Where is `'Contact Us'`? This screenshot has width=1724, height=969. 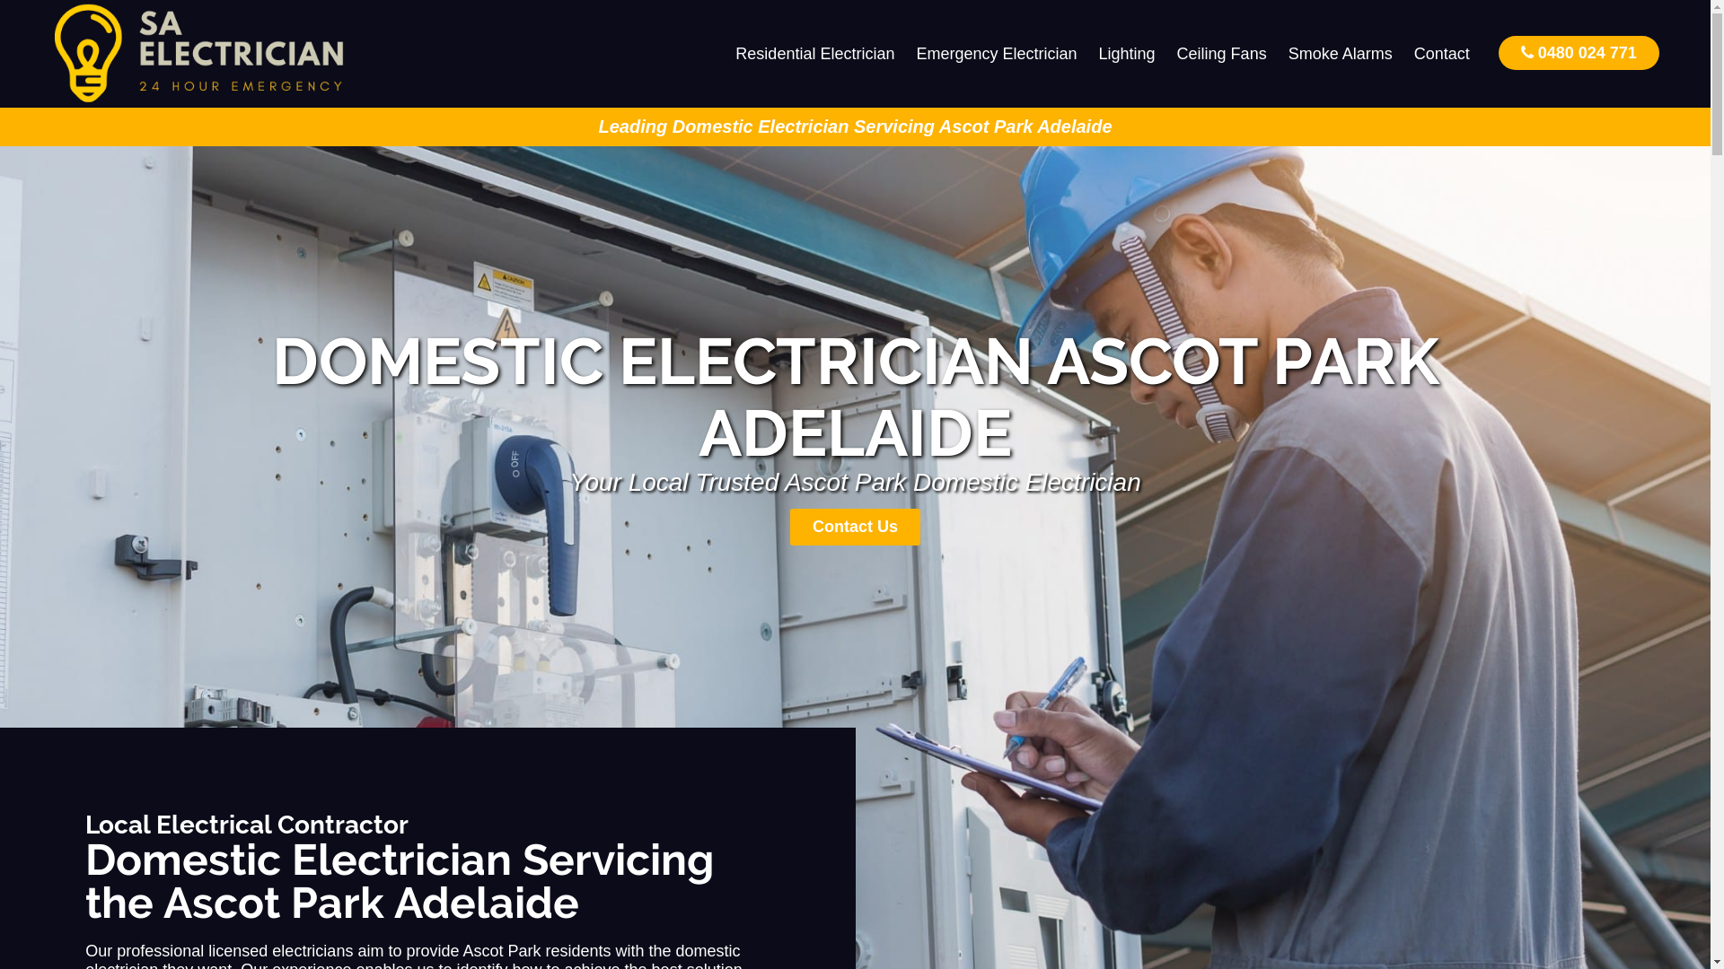 'Contact Us' is located at coordinates (789, 526).